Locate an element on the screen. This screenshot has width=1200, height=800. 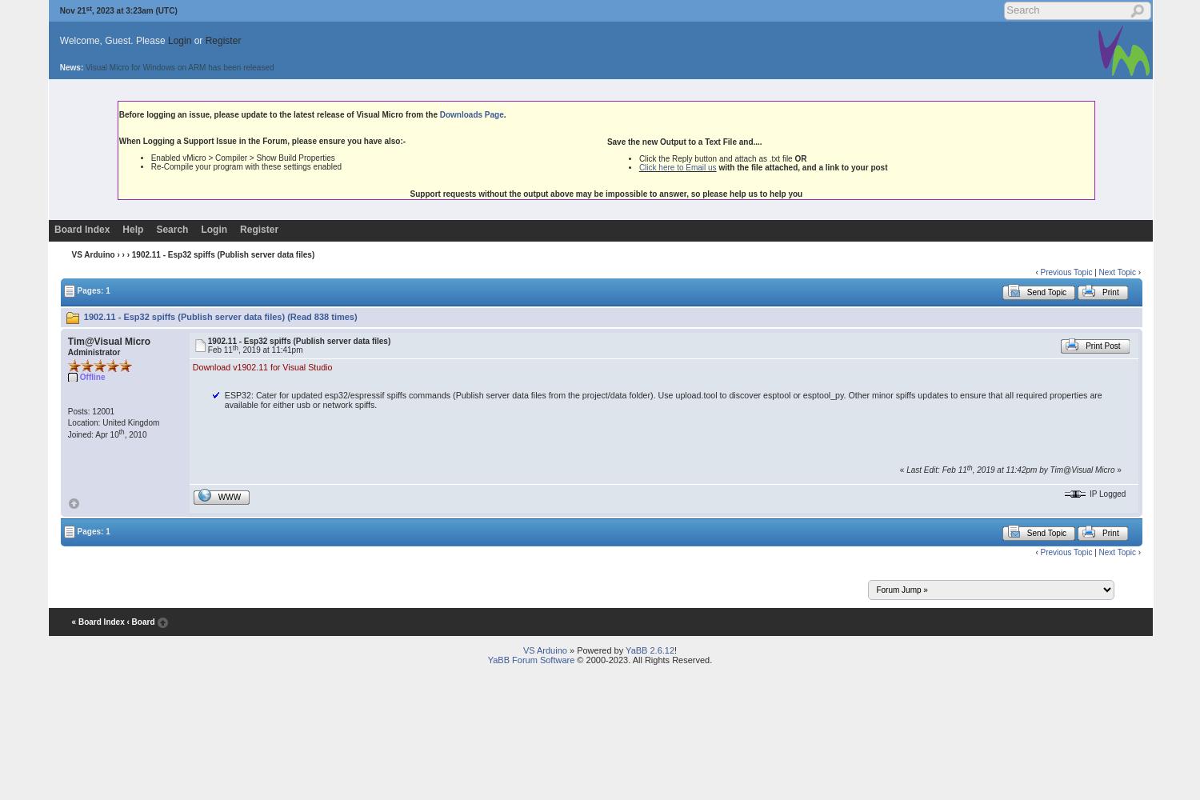
'» Powered by' is located at coordinates (595, 650).